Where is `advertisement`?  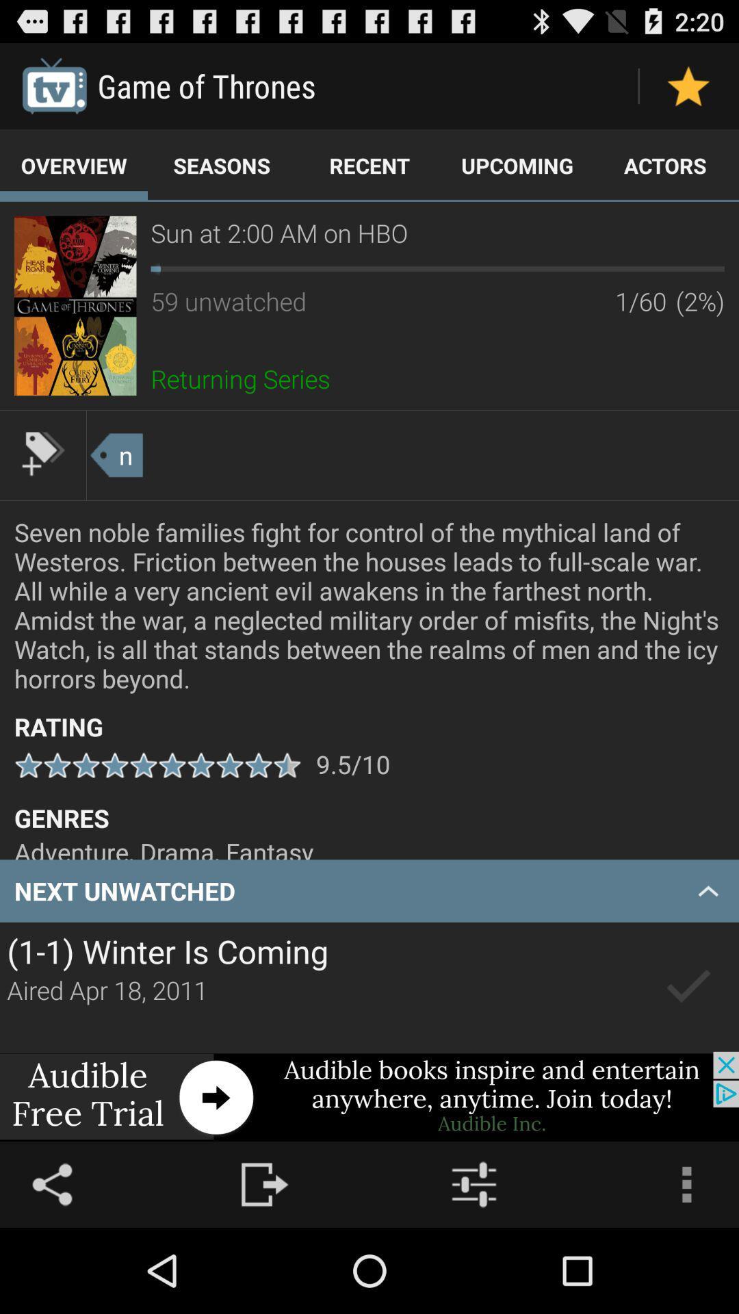
advertisement is located at coordinates (369, 1096).